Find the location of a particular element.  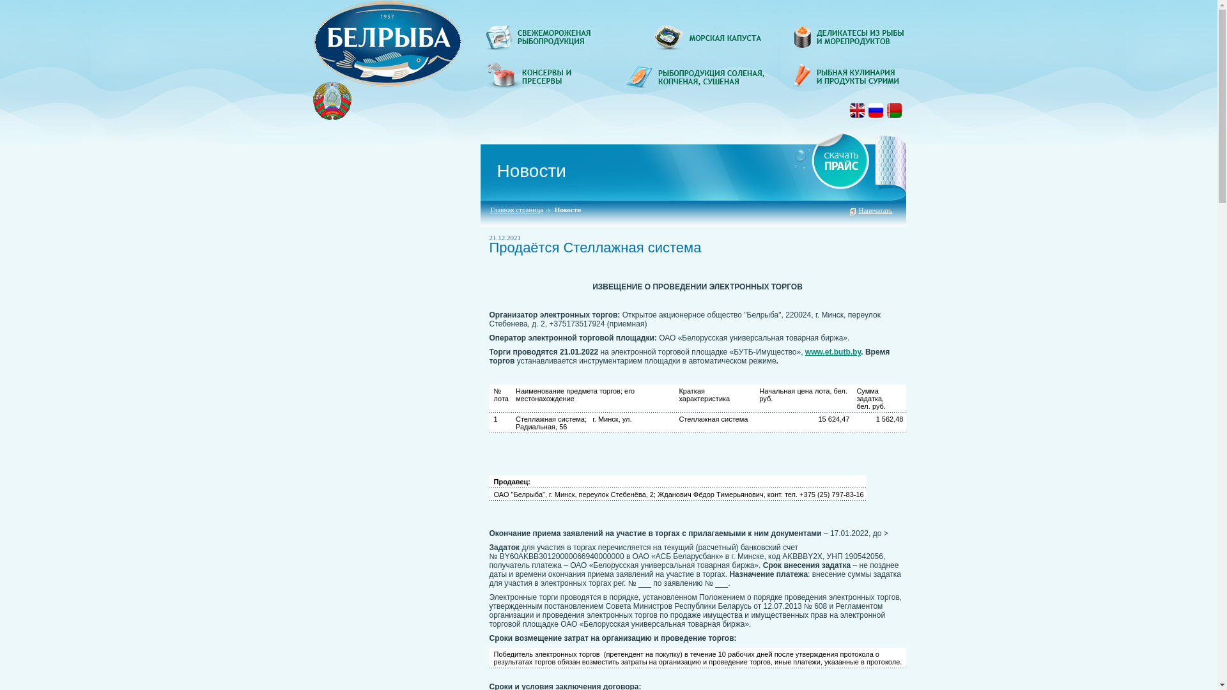

'ru' is located at coordinates (875, 115).